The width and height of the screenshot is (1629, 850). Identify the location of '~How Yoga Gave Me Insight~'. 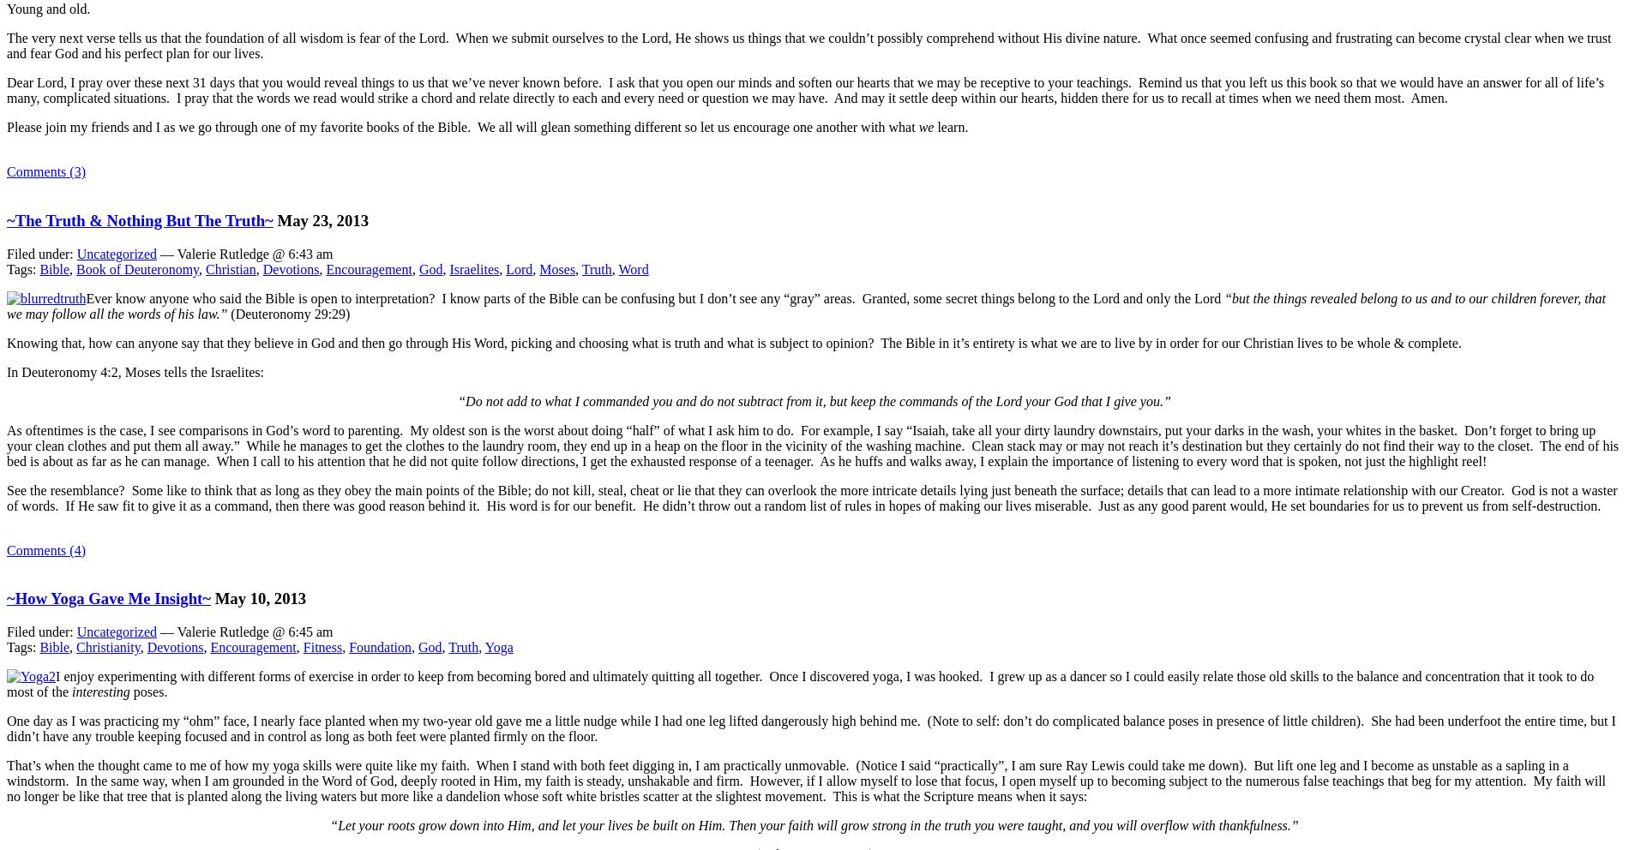
(108, 597).